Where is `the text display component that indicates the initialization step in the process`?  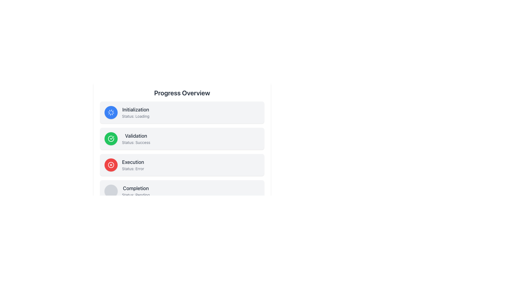 the text display component that indicates the initialization step in the process is located at coordinates (136, 112).